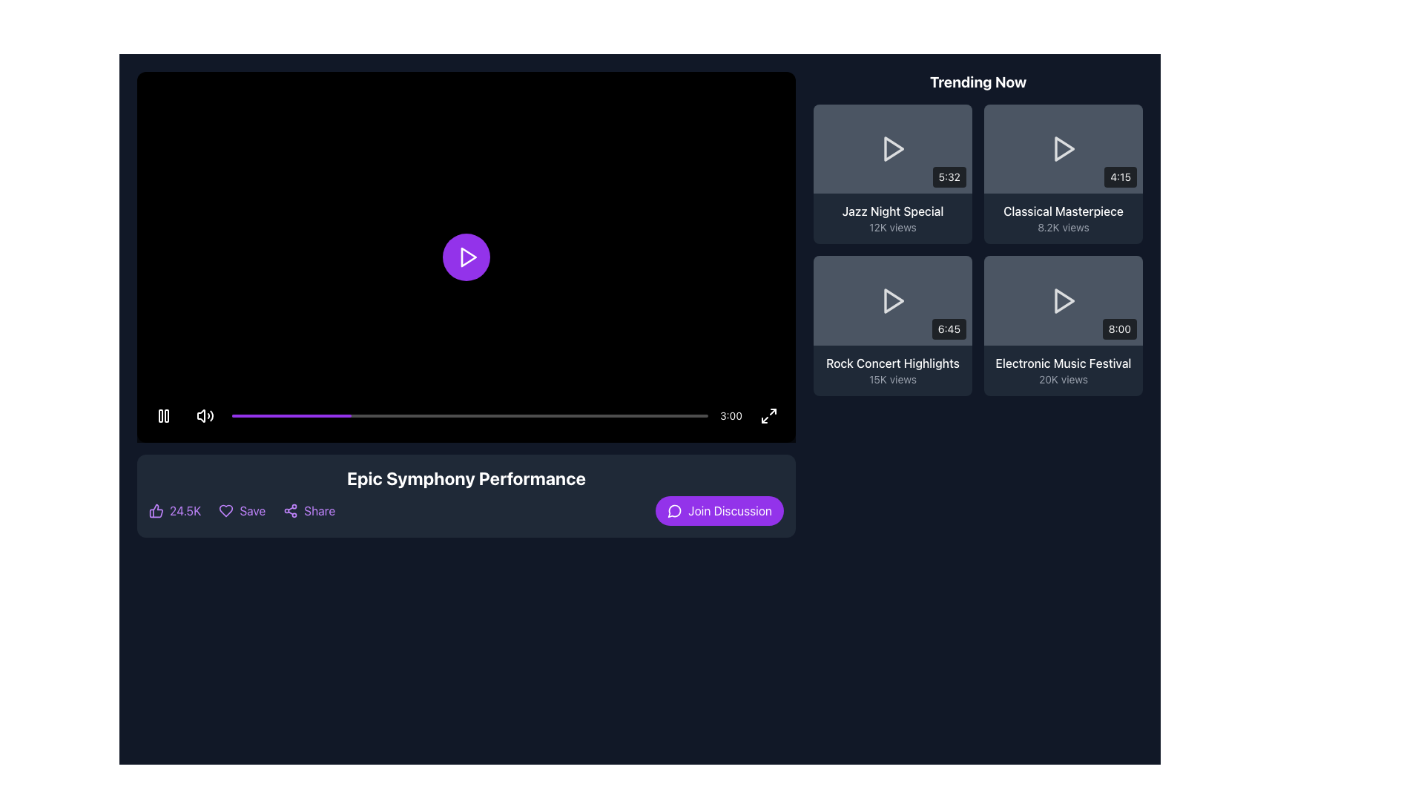 The width and height of the screenshot is (1424, 801). What do you see at coordinates (893, 300) in the screenshot?
I see `the play button located in the thumbnail for the 'Rock Concert Highlights' video in the 'Trending Now' section` at bounding box center [893, 300].